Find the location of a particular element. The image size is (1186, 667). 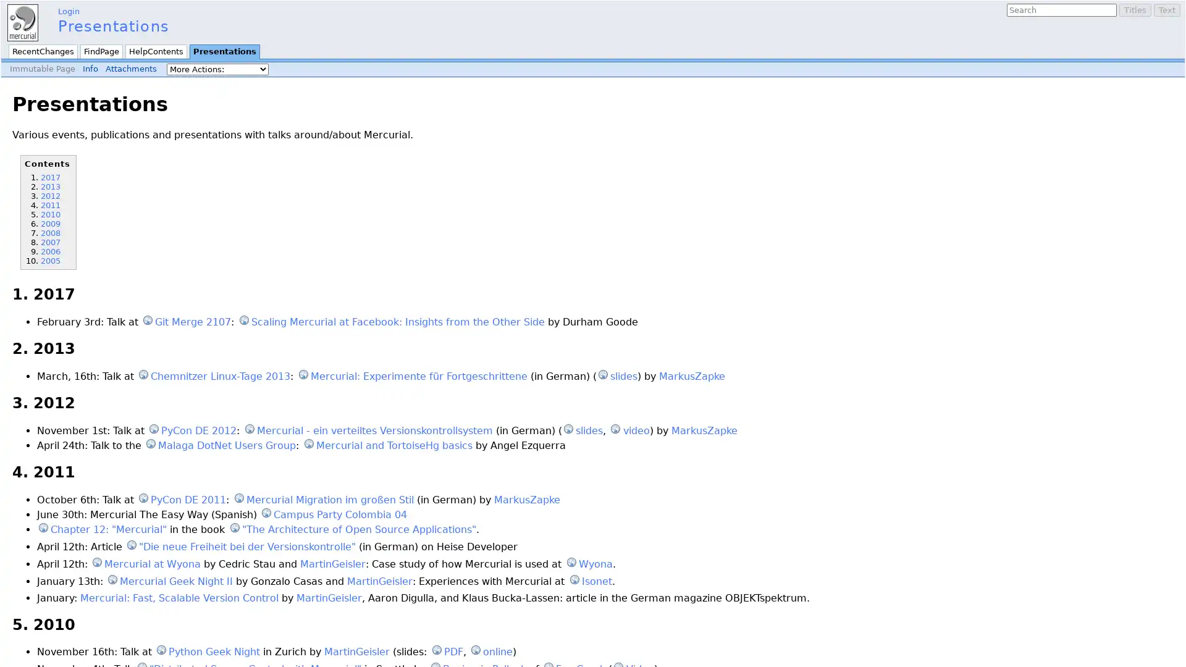

Text is located at coordinates (1166, 10).